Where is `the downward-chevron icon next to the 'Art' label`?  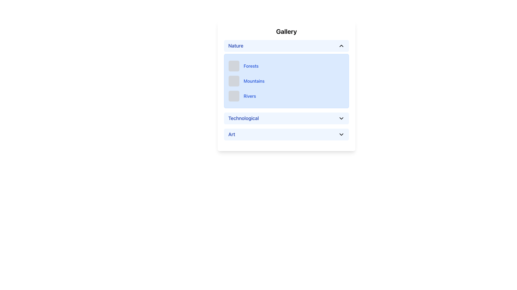
the downward-chevron icon next to the 'Art' label is located at coordinates (341, 134).